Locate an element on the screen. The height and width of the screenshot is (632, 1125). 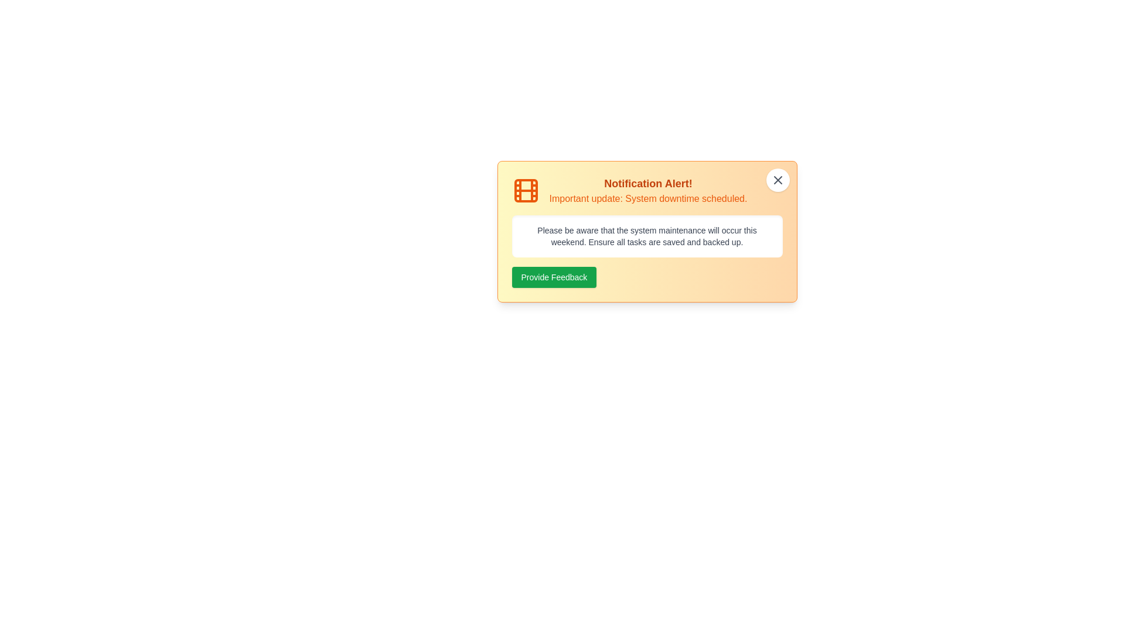
the 'Provide Feedback' button is located at coordinates (553, 277).